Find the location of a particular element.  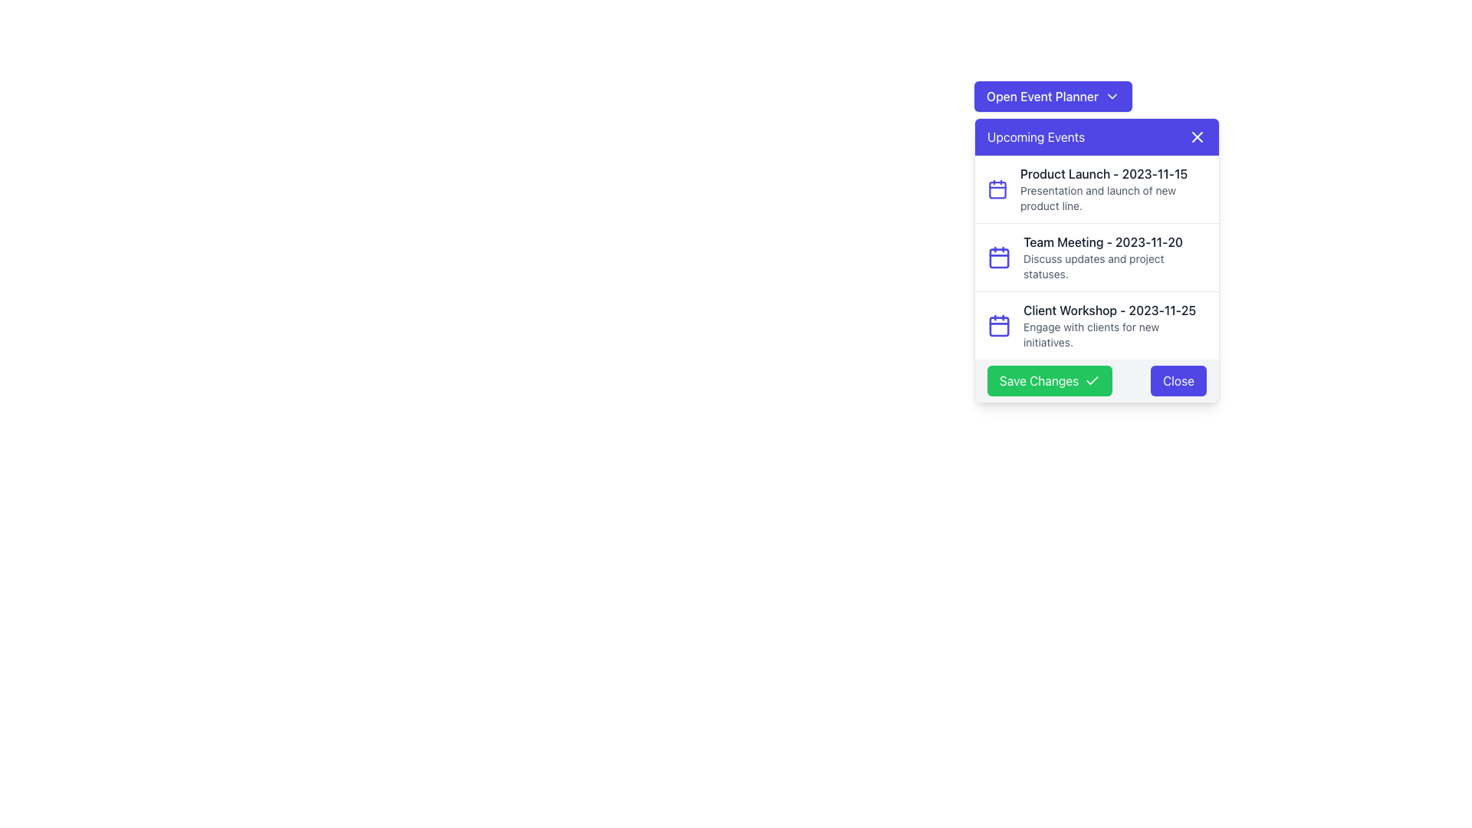

the checkmark icon within the 'Save Changes' button located towards the bottom-left corner of the modal interface to indicate saving changes is located at coordinates (1092, 379).